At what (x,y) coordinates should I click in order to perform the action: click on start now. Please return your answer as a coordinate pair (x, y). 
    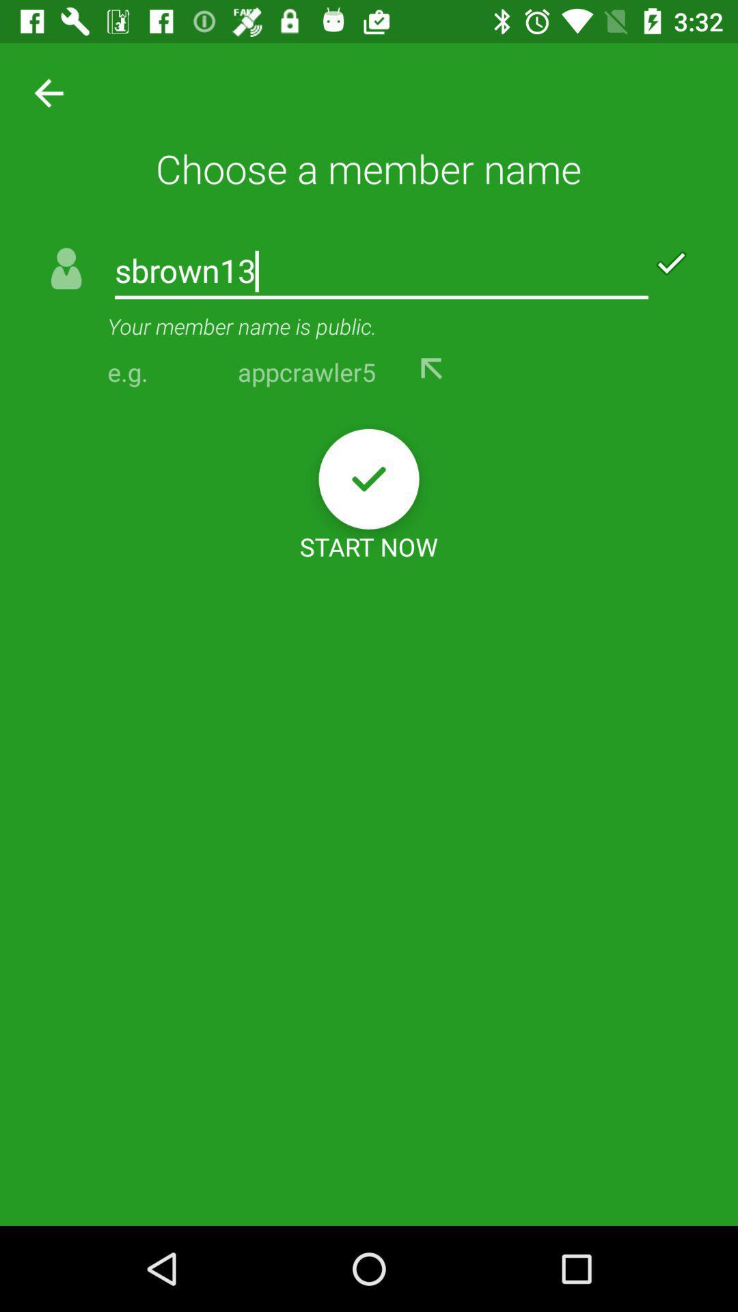
    Looking at the image, I should click on (369, 479).